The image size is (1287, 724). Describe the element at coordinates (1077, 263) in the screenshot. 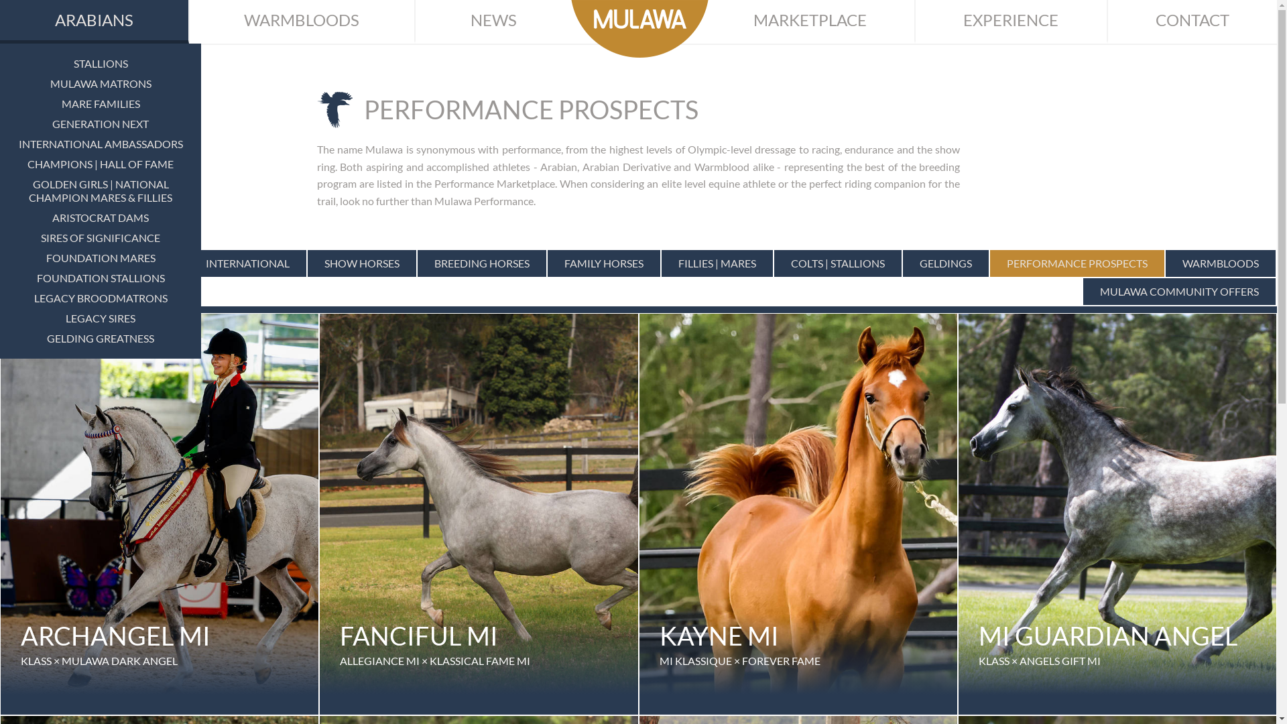

I see `'PERFORMANCE PROSPECTS'` at that location.